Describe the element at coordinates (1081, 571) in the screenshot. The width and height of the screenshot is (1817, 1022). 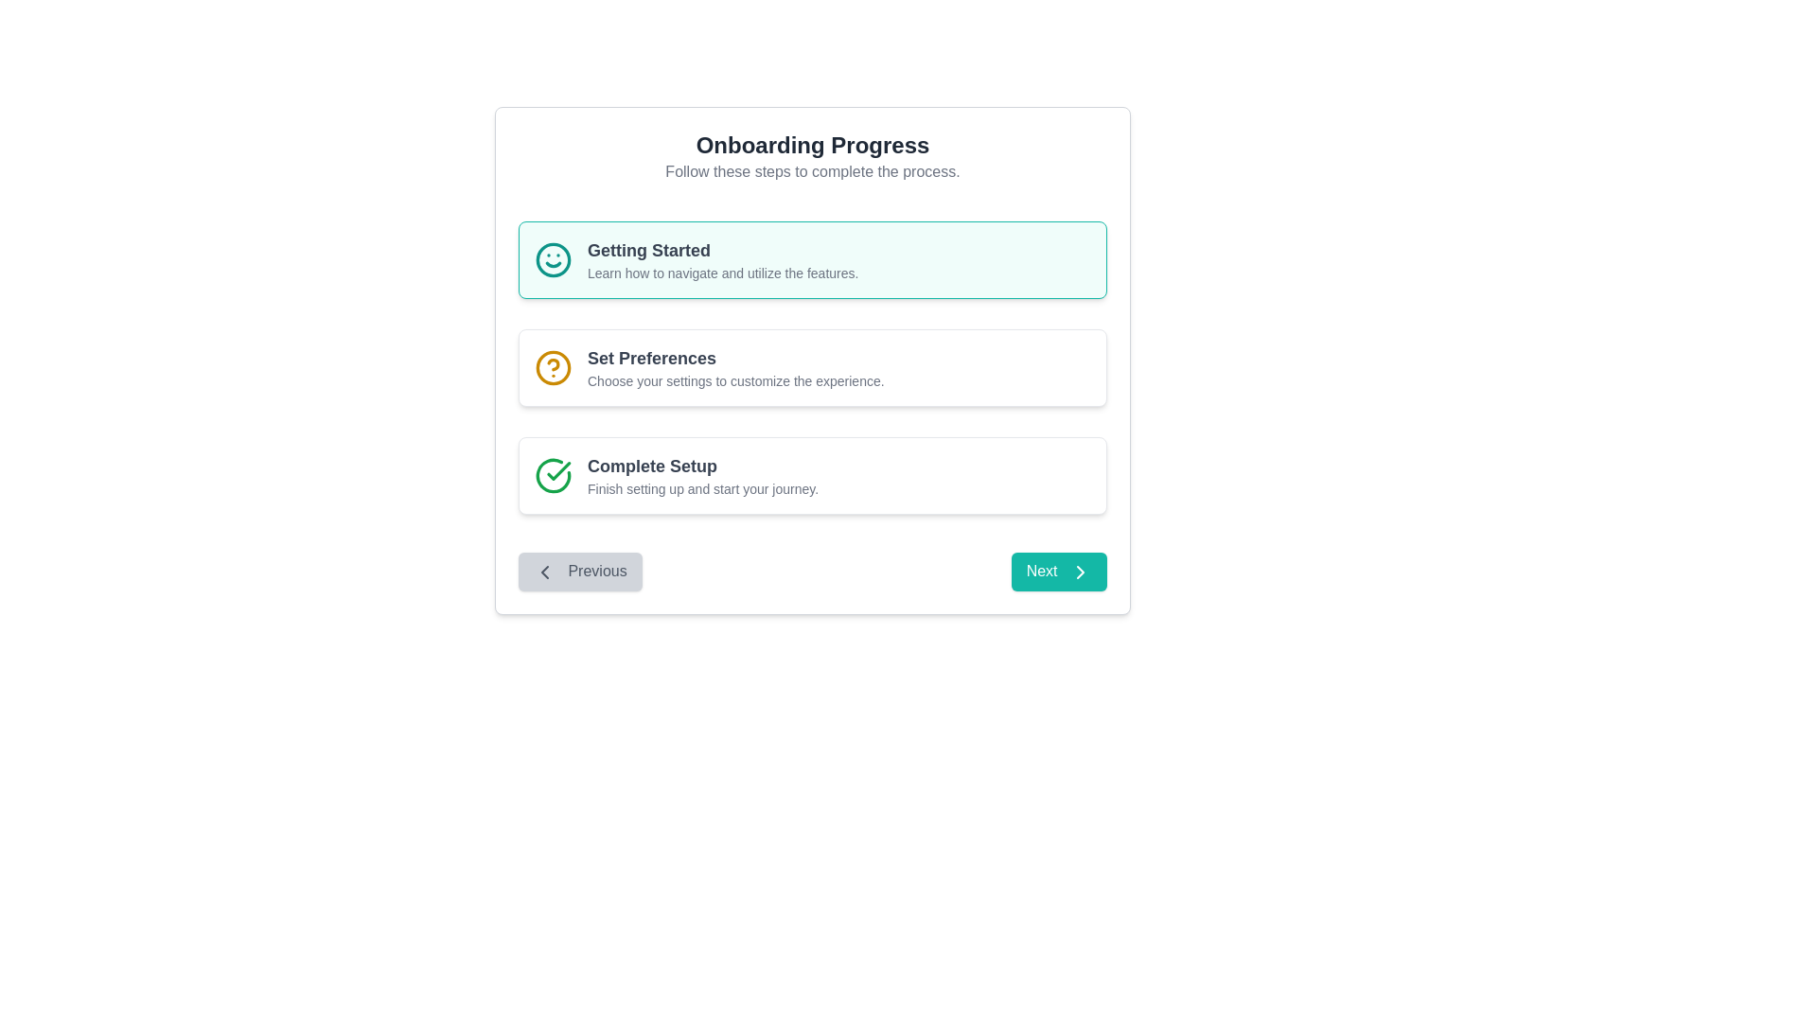
I see `the functionality of the rightward chevron icon located within the 'Next' button, which is aligned to the right of the text 'Next' in the onboarding dialog` at that location.